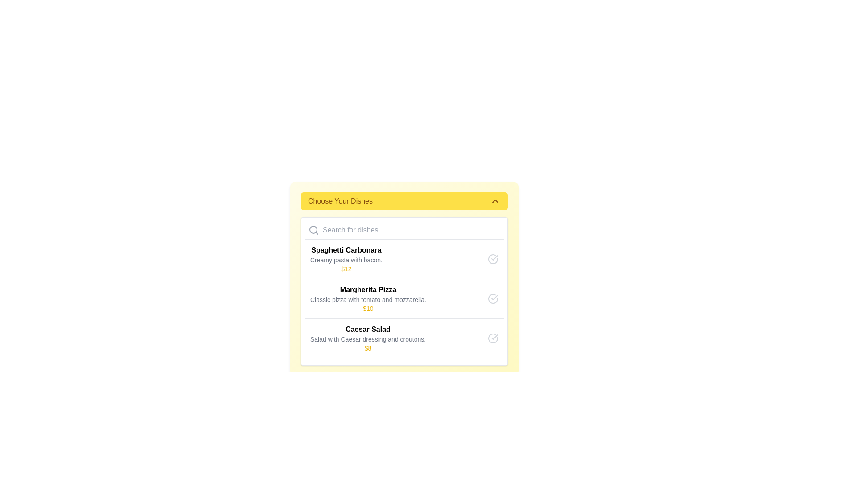 The image size is (856, 481). Describe the element at coordinates (346, 269) in the screenshot. I see `the static text displaying the price '$12', which is styled in yellow and located below the dish description 'Creamy pasta with bacon' and associated with 'Spaghetti Carbonara'` at that location.